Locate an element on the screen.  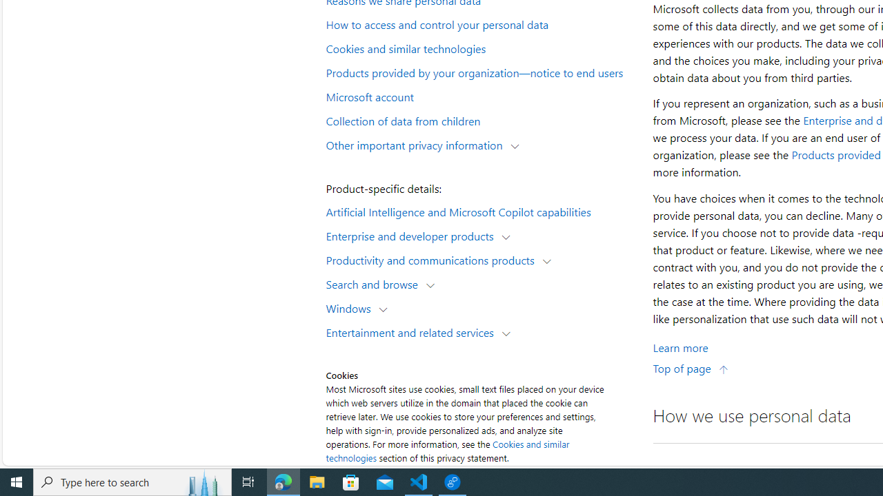
'Learn More about Personal data we collect' is located at coordinates (680, 347).